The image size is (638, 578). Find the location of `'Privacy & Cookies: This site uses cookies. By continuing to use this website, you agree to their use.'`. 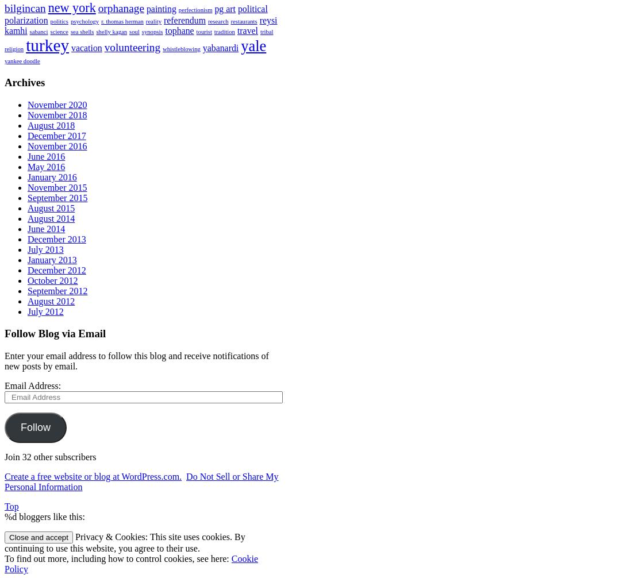

'Privacy & Cookies: This site uses cookies. By continuing to use this website, you agree to their use.' is located at coordinates (124, 542).